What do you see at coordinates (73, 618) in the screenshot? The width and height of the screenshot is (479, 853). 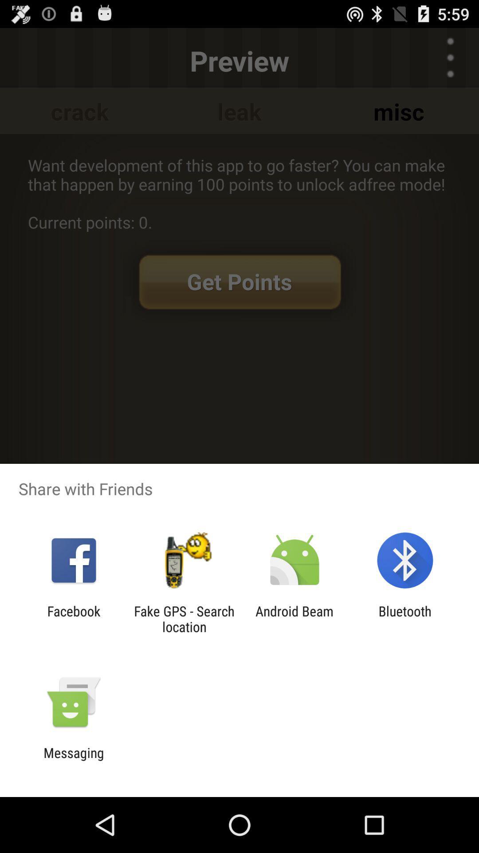 I see `the facebook` at bounding box center [73, 618].